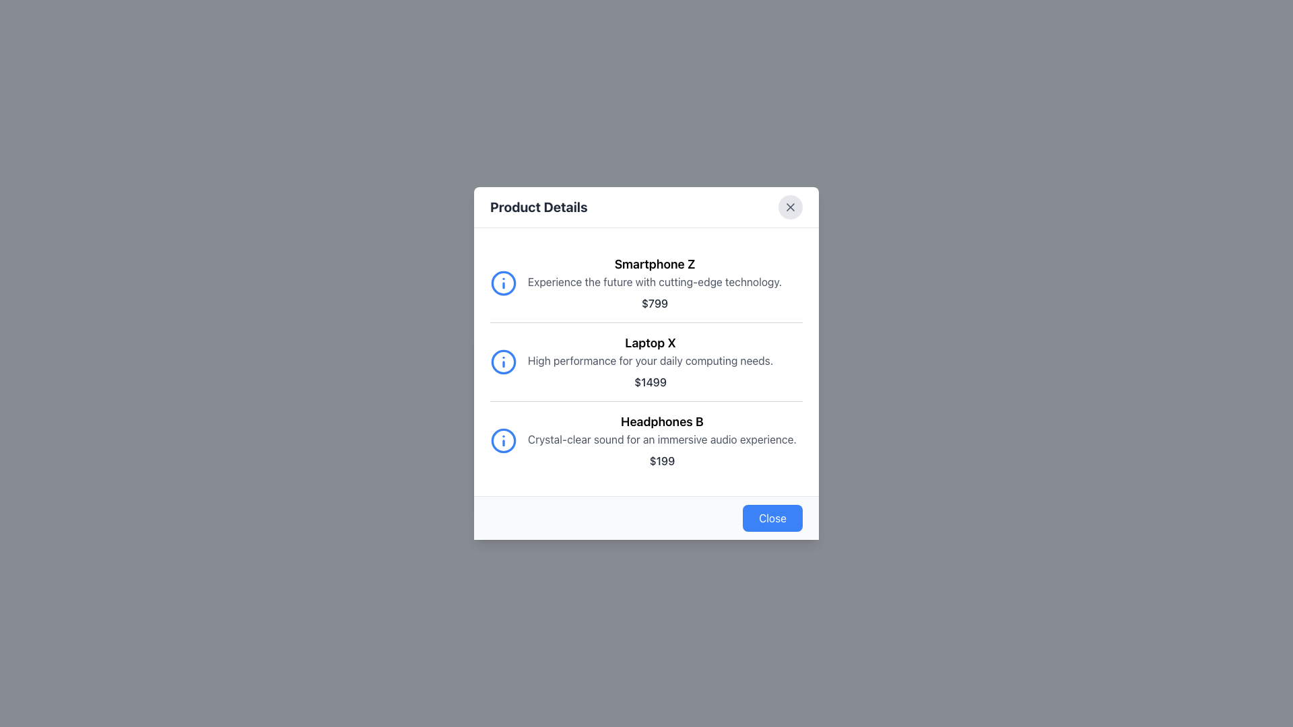  What do you see at coordinates (503, 441) in the screenshot?
I see `the circular Information icon with a blue outline and a white interior, containing a lowercase 'i' symbol in blue, located adjacent to the product description of 'Headphones B'` at bounding box center [503, 441].